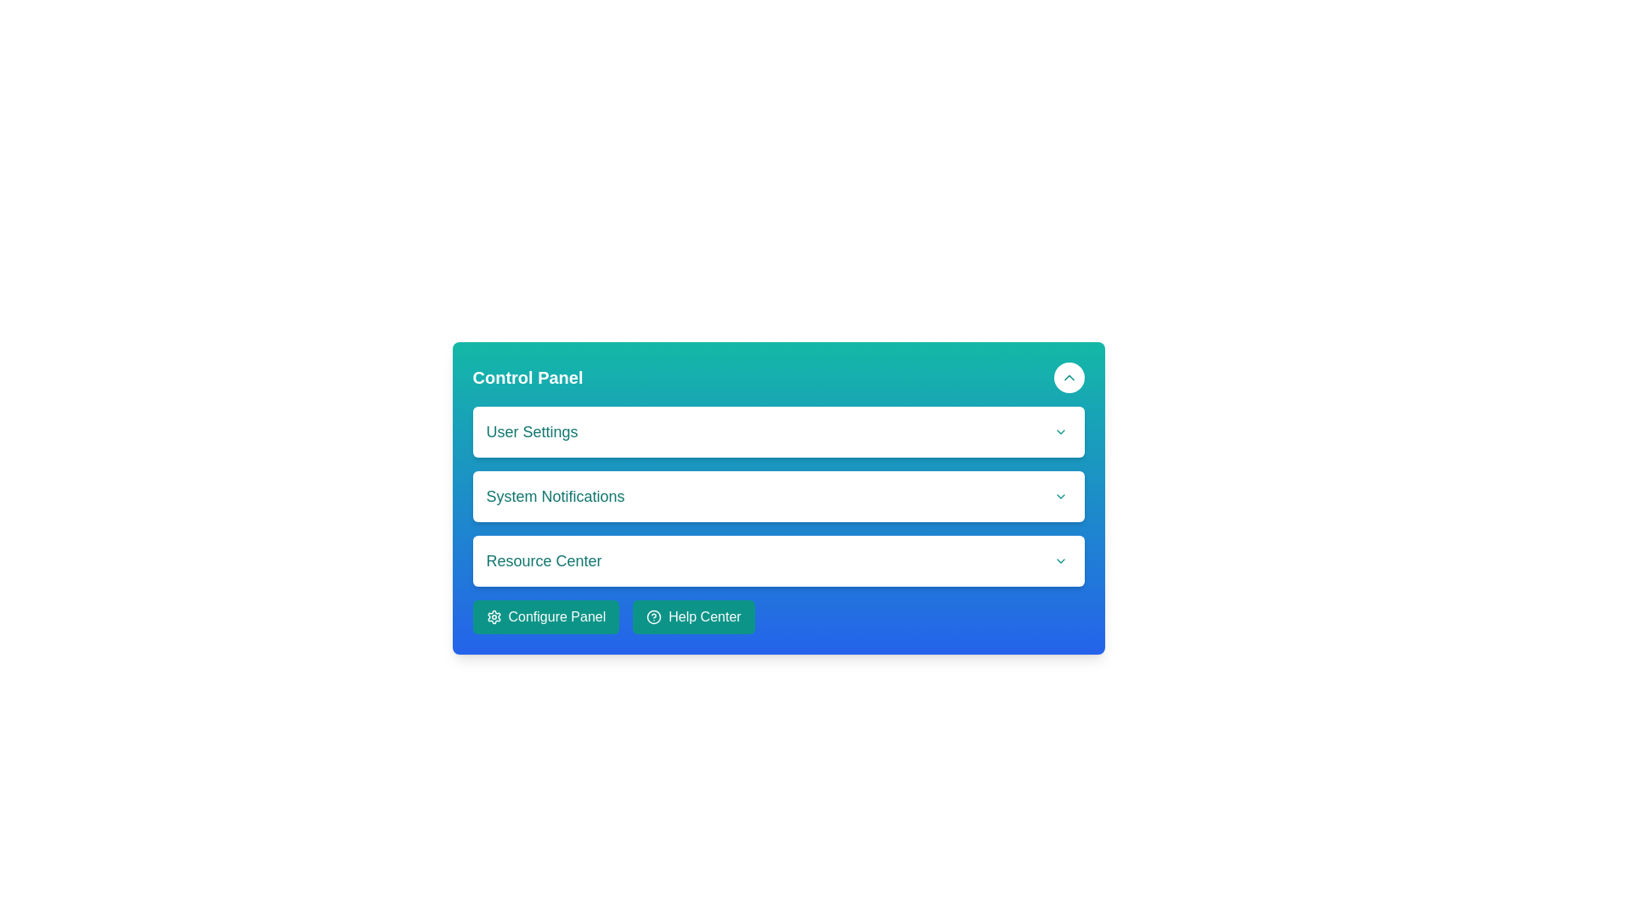 This screenshot has width=1631, height=917. What do you see at coordinates (1059, 431) in the screenshot?
I see `the downward-facing arrow icon button located on the right side of the 'User Settings' row` at bounding box center [1059, 431].